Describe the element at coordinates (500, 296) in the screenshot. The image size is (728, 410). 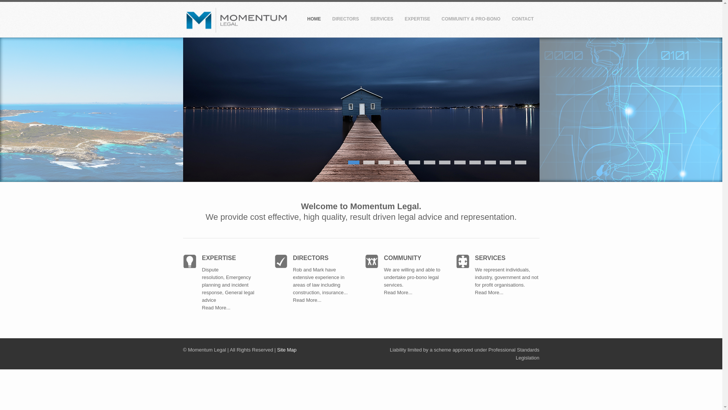
I see `'Read More...'` at that location.